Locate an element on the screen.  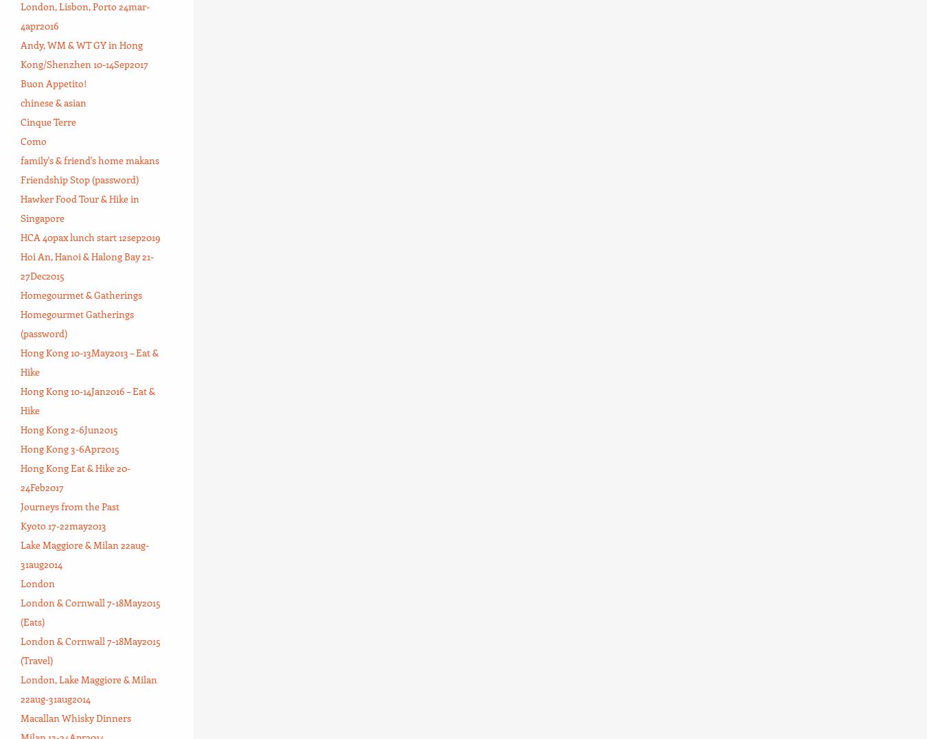
'family's & friend's home makans' is located at coordinates (89, 159).